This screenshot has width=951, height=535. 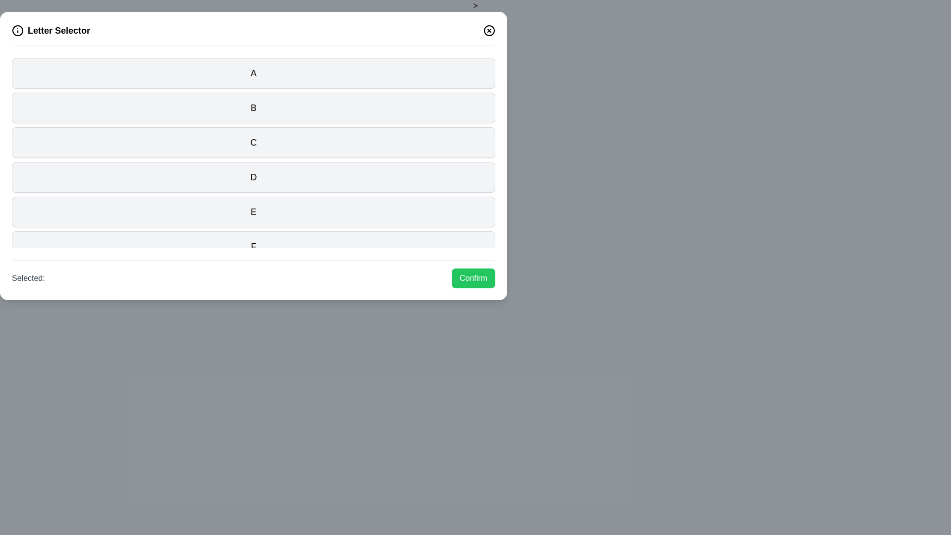 What do you see at coordinates (473, 278) in the screenshot?
I see `the Confirm button to confirm the selected letters` at bounding box center [473, 278].